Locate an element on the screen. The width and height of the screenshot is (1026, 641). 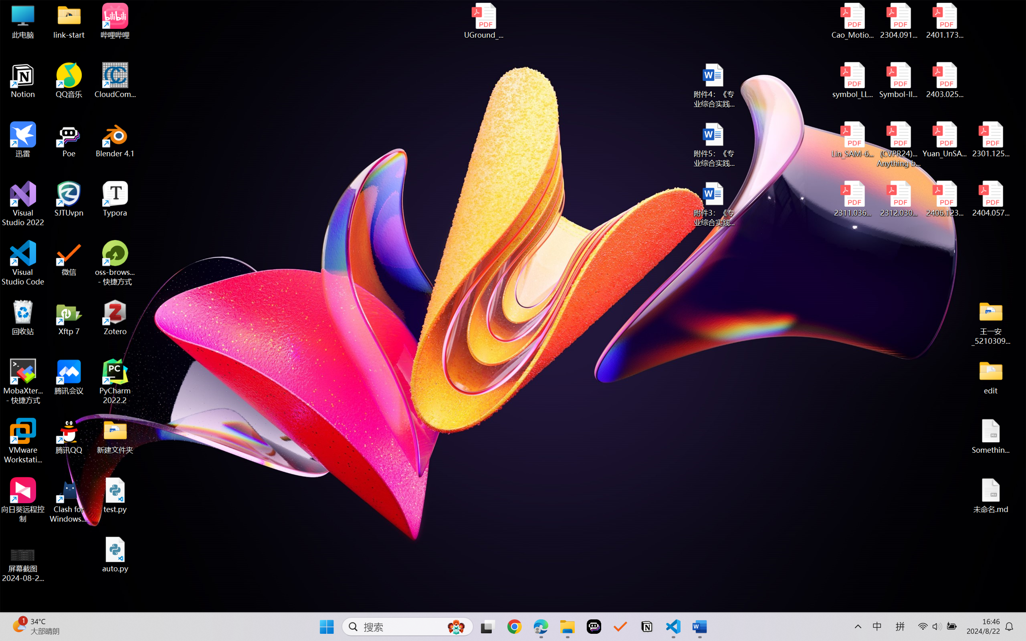
'VMware Workstation Pro' is located at coordinates (22, 441).